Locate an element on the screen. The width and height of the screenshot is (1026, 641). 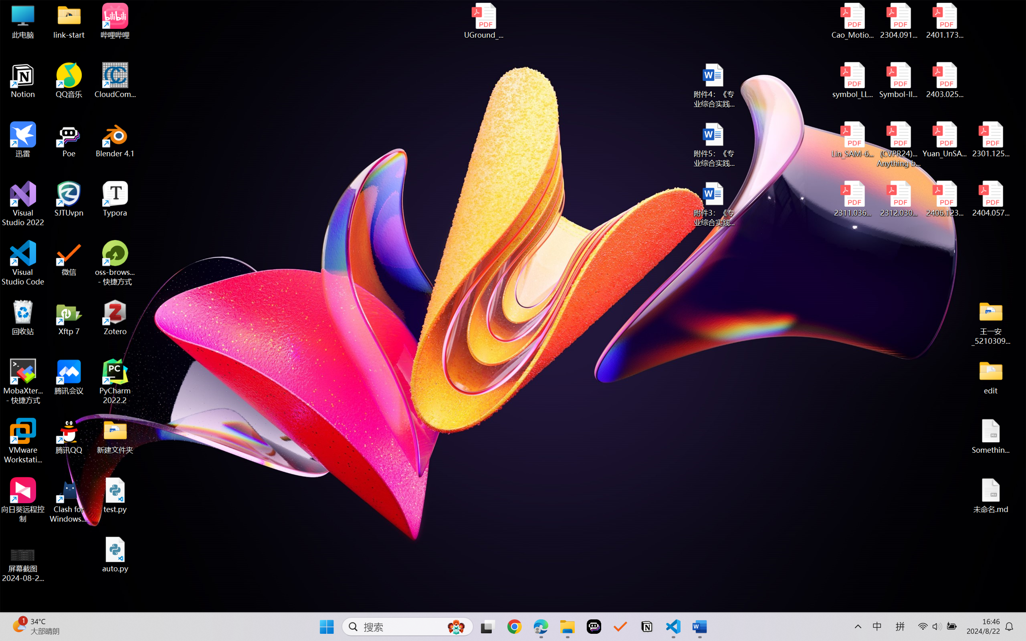
'VMware Workstation Pro' is located at coordinates (22, 441).